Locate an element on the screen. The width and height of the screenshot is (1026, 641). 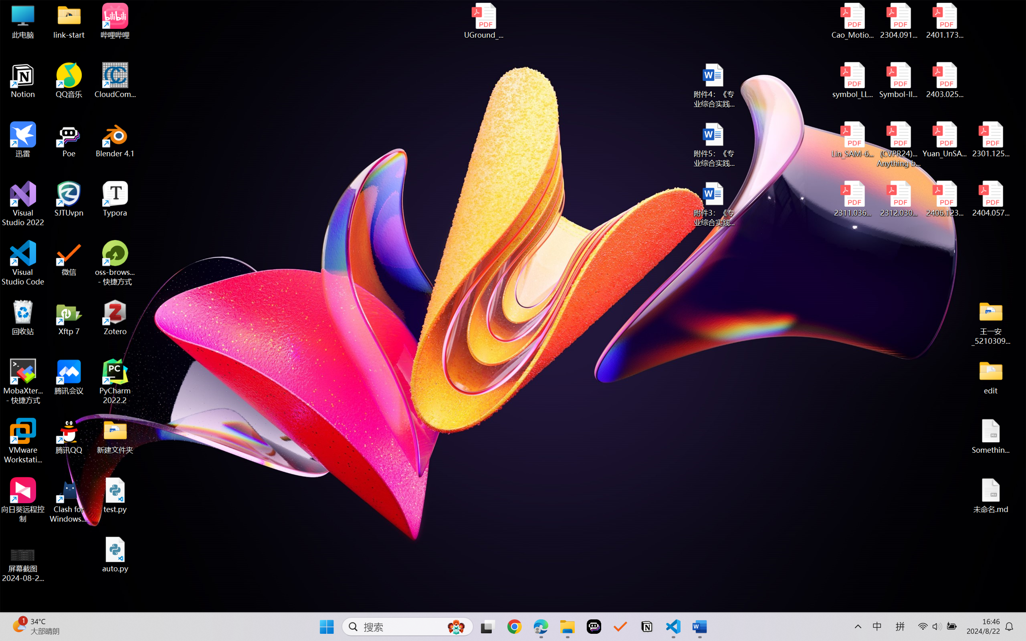
'VMware Workstation Pro' is located at coordinates (22, 441).